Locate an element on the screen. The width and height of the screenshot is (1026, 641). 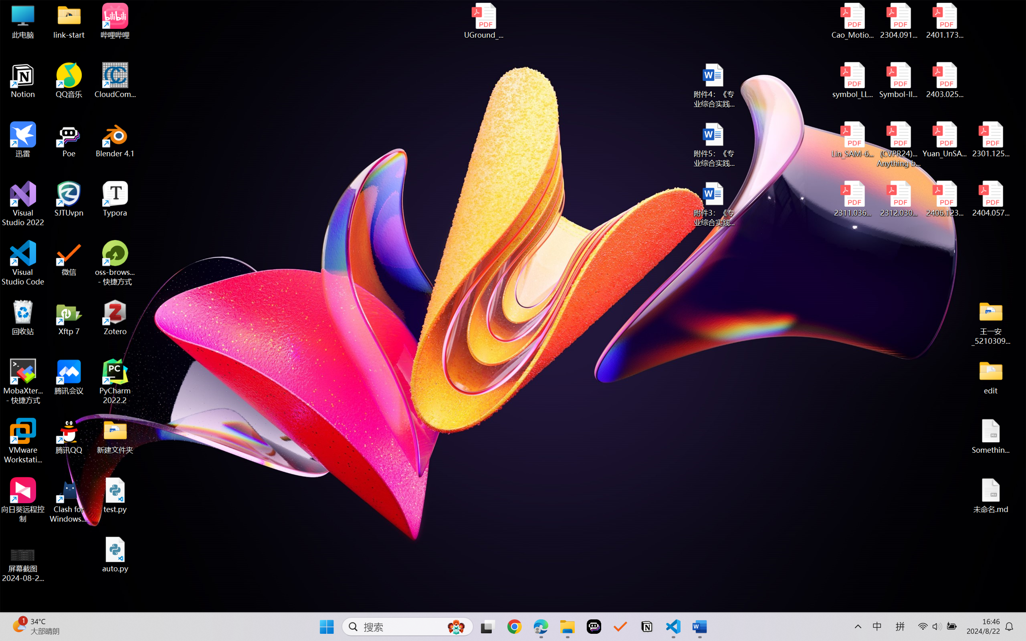
'VMware Workstation Pro' is located at coordinates (22, 441).